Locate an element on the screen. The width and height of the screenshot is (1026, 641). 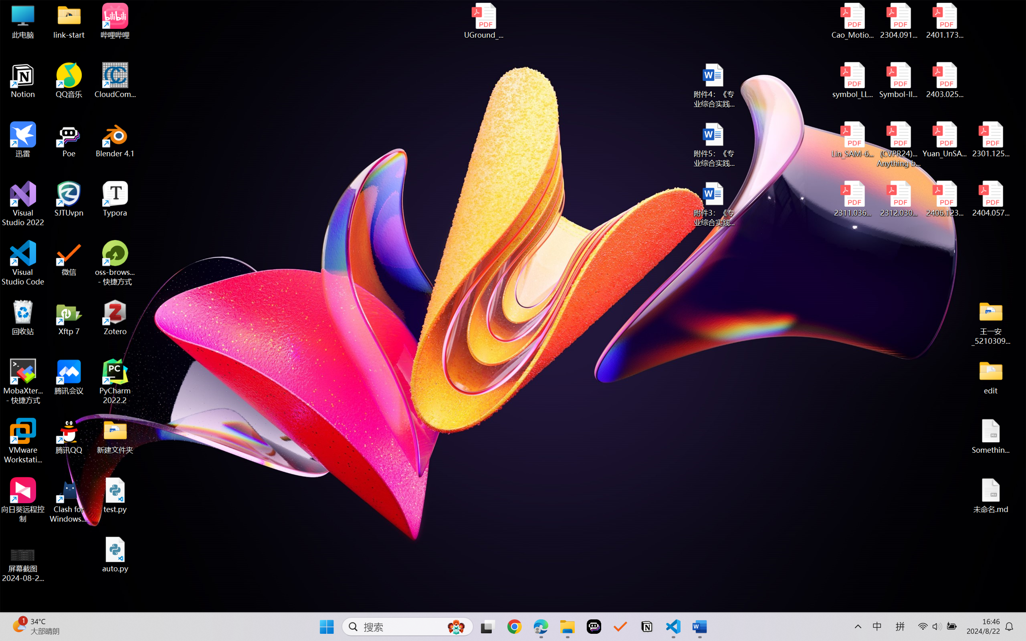
'VMware Workstation Pro' is located at coordinates (22, 441).